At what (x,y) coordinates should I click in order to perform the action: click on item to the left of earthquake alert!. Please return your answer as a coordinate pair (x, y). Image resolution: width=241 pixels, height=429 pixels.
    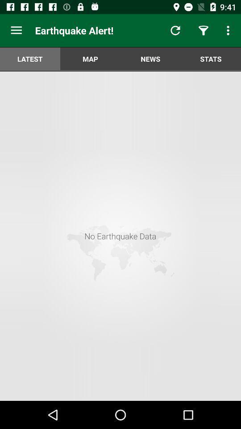
    Looking at the image, I should click on (16, 30).